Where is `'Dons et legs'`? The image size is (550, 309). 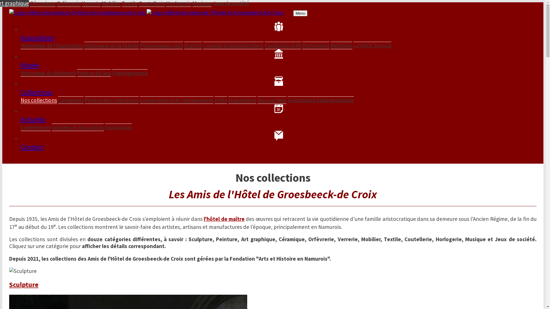 'Dons et legs' is located at coordinates (272, 100).